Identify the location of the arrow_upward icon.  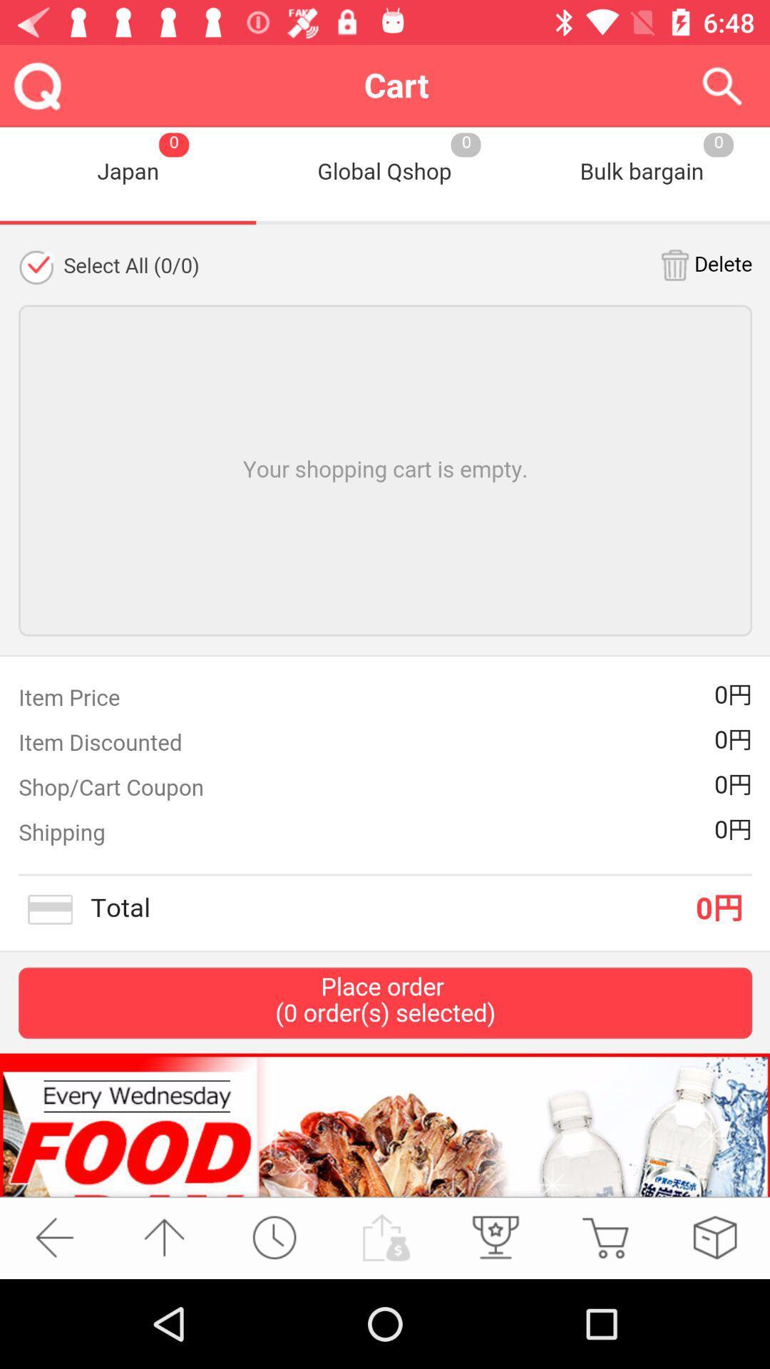
(163, 1236).